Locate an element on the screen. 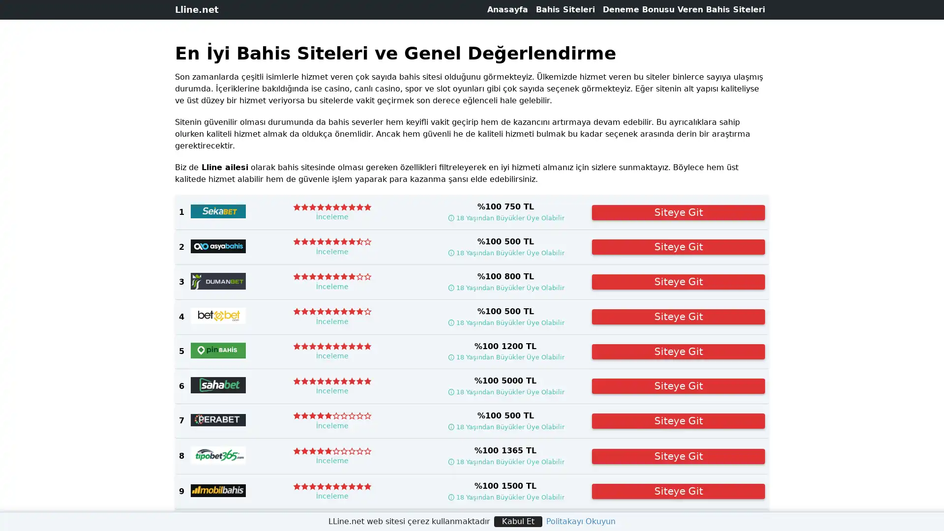 The image size is (944, 531). Load terms and conditions is located at coordinates (505, 426).